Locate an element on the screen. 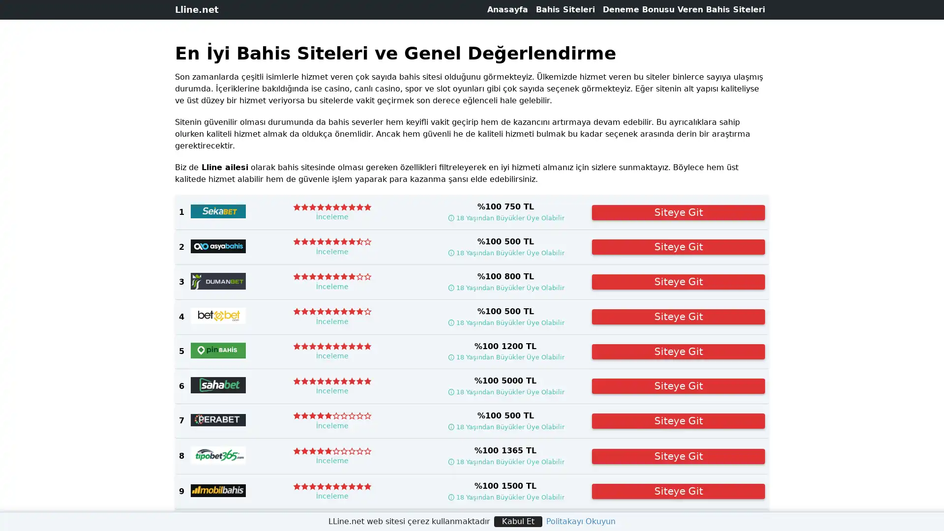 The image size is (944, 531). Load terms and conditions is located at coordinates (505, 426).